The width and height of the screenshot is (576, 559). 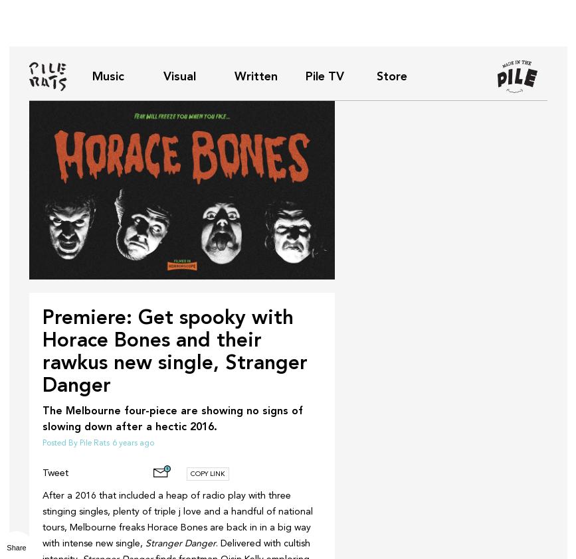 I want to click on 'The Melbourne four-piece are showing no signs of slowing down after a hectic 2016.', so click(x=171, y=418).